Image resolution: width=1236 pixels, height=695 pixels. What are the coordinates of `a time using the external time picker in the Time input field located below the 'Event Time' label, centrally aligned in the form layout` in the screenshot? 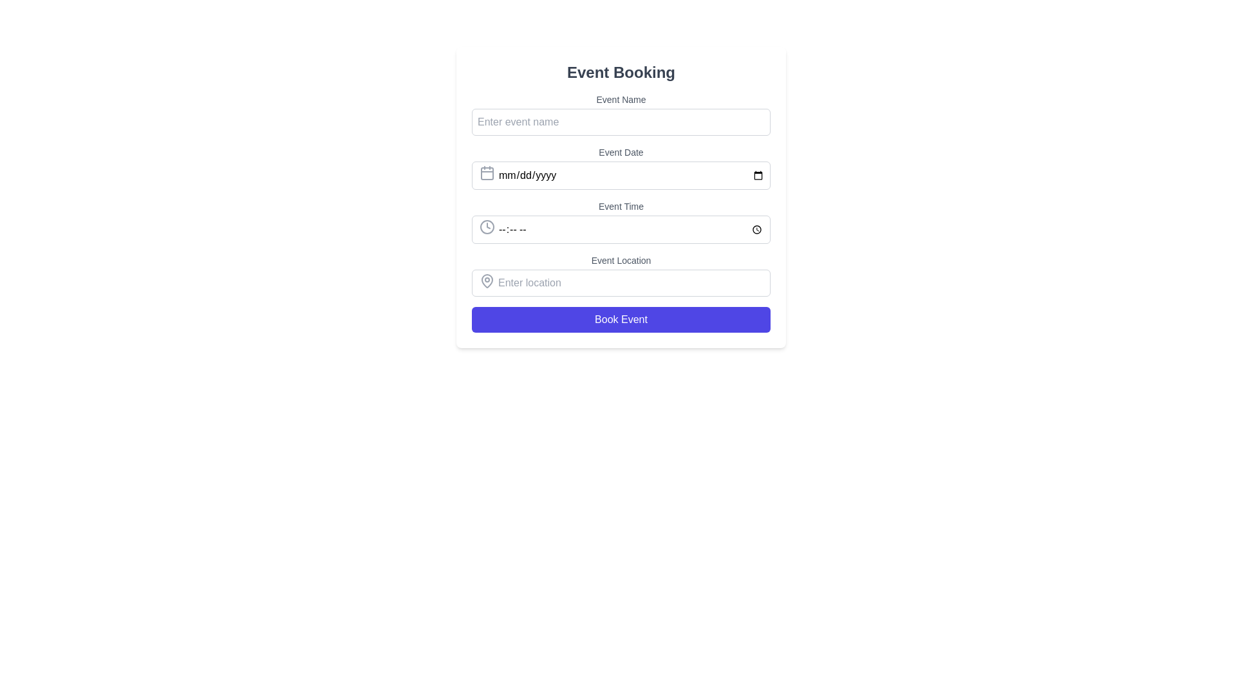 It's located at (621, 227).